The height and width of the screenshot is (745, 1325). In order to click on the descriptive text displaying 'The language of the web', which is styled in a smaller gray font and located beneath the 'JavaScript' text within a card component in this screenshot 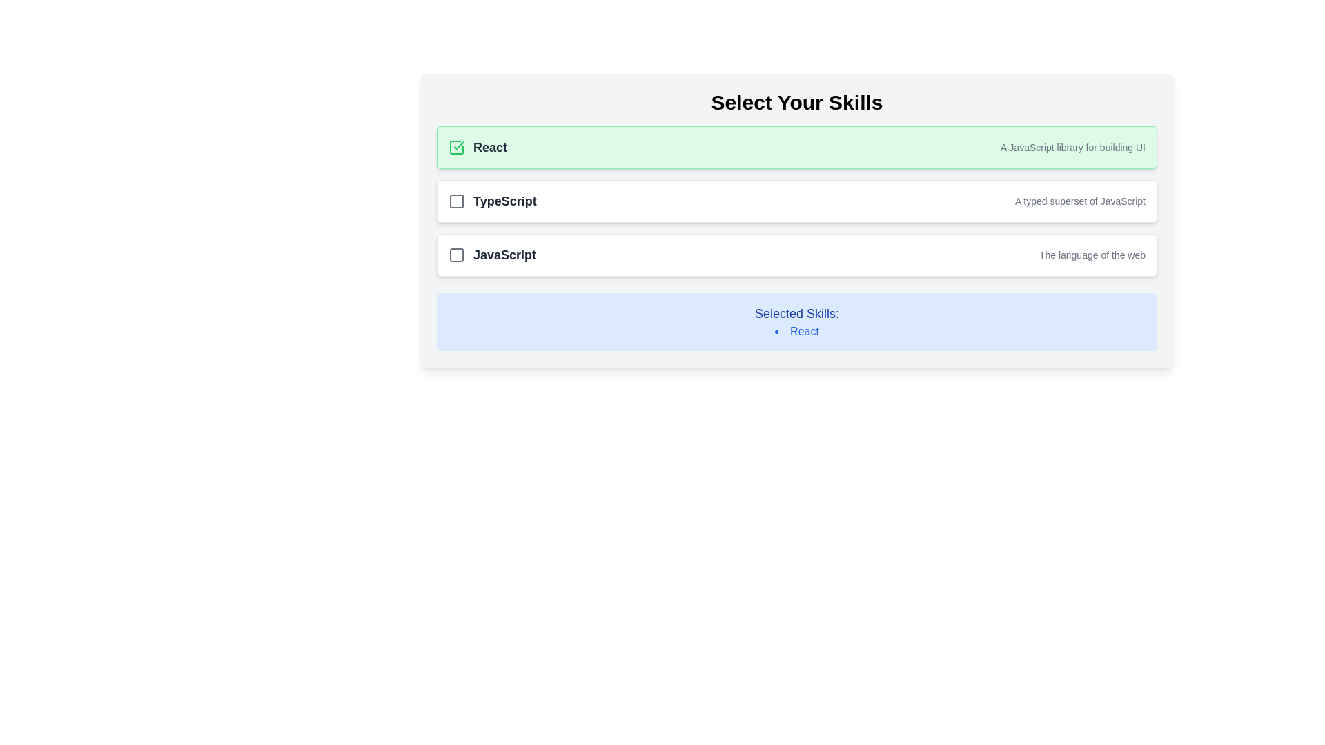, I will do `click(1091, 255)`.